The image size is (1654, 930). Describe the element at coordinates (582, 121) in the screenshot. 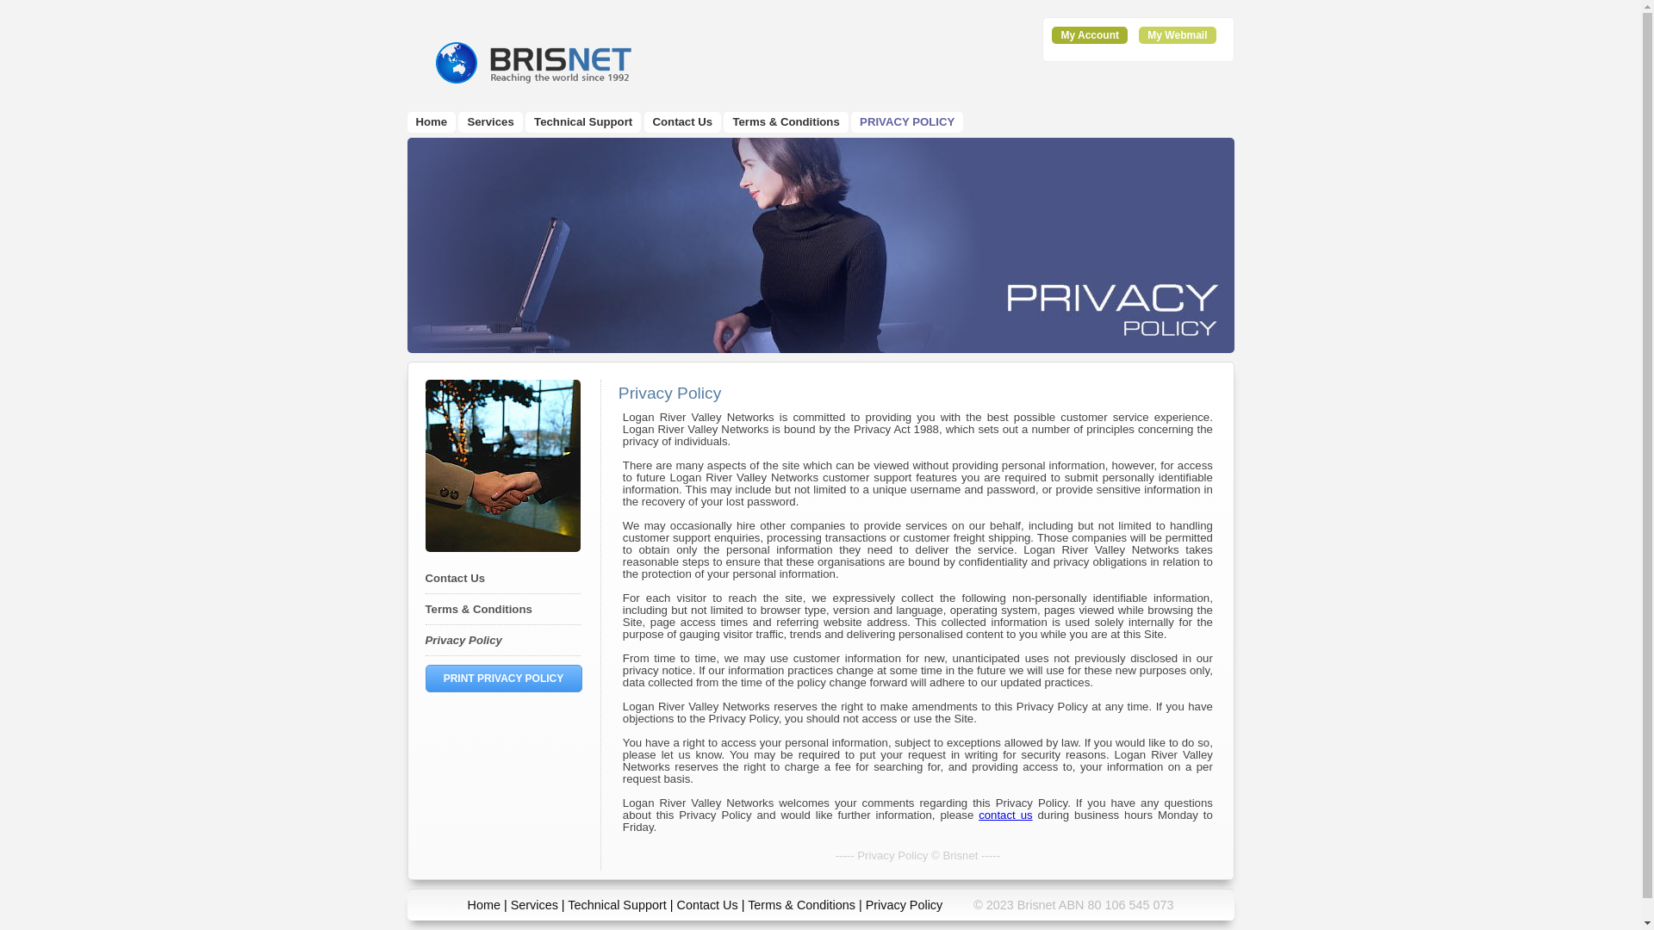

I see `'Technical Support'` at that location.